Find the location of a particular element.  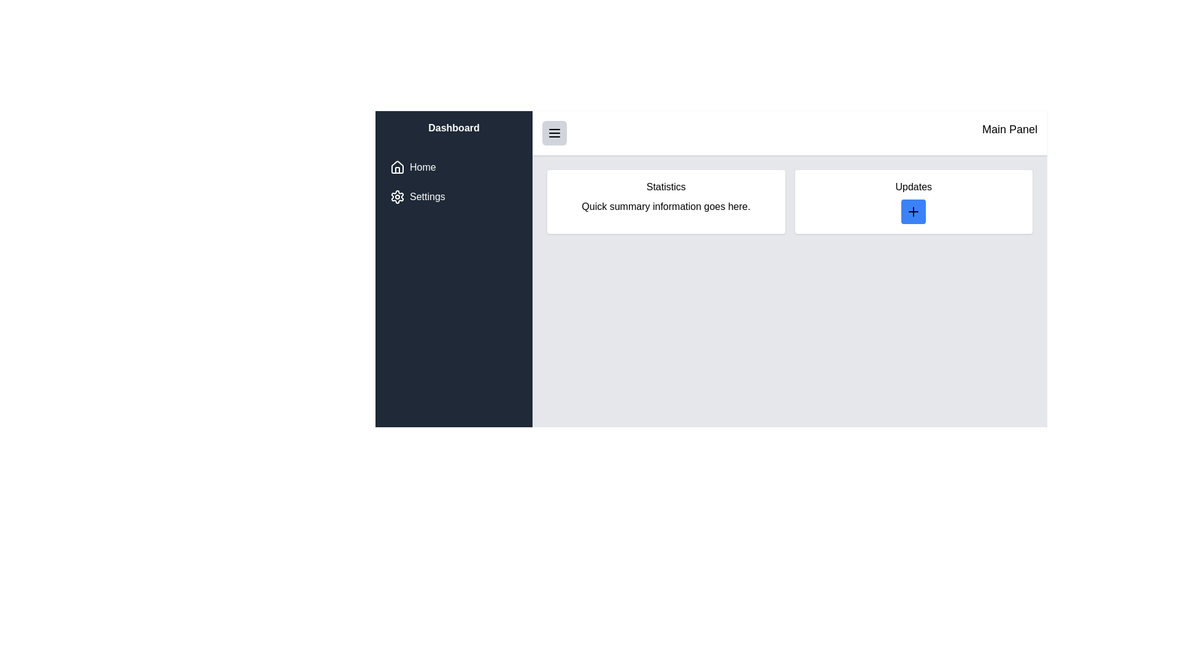

the blue button within the card labeled 'Updates' is located at coordinates (913, 201).